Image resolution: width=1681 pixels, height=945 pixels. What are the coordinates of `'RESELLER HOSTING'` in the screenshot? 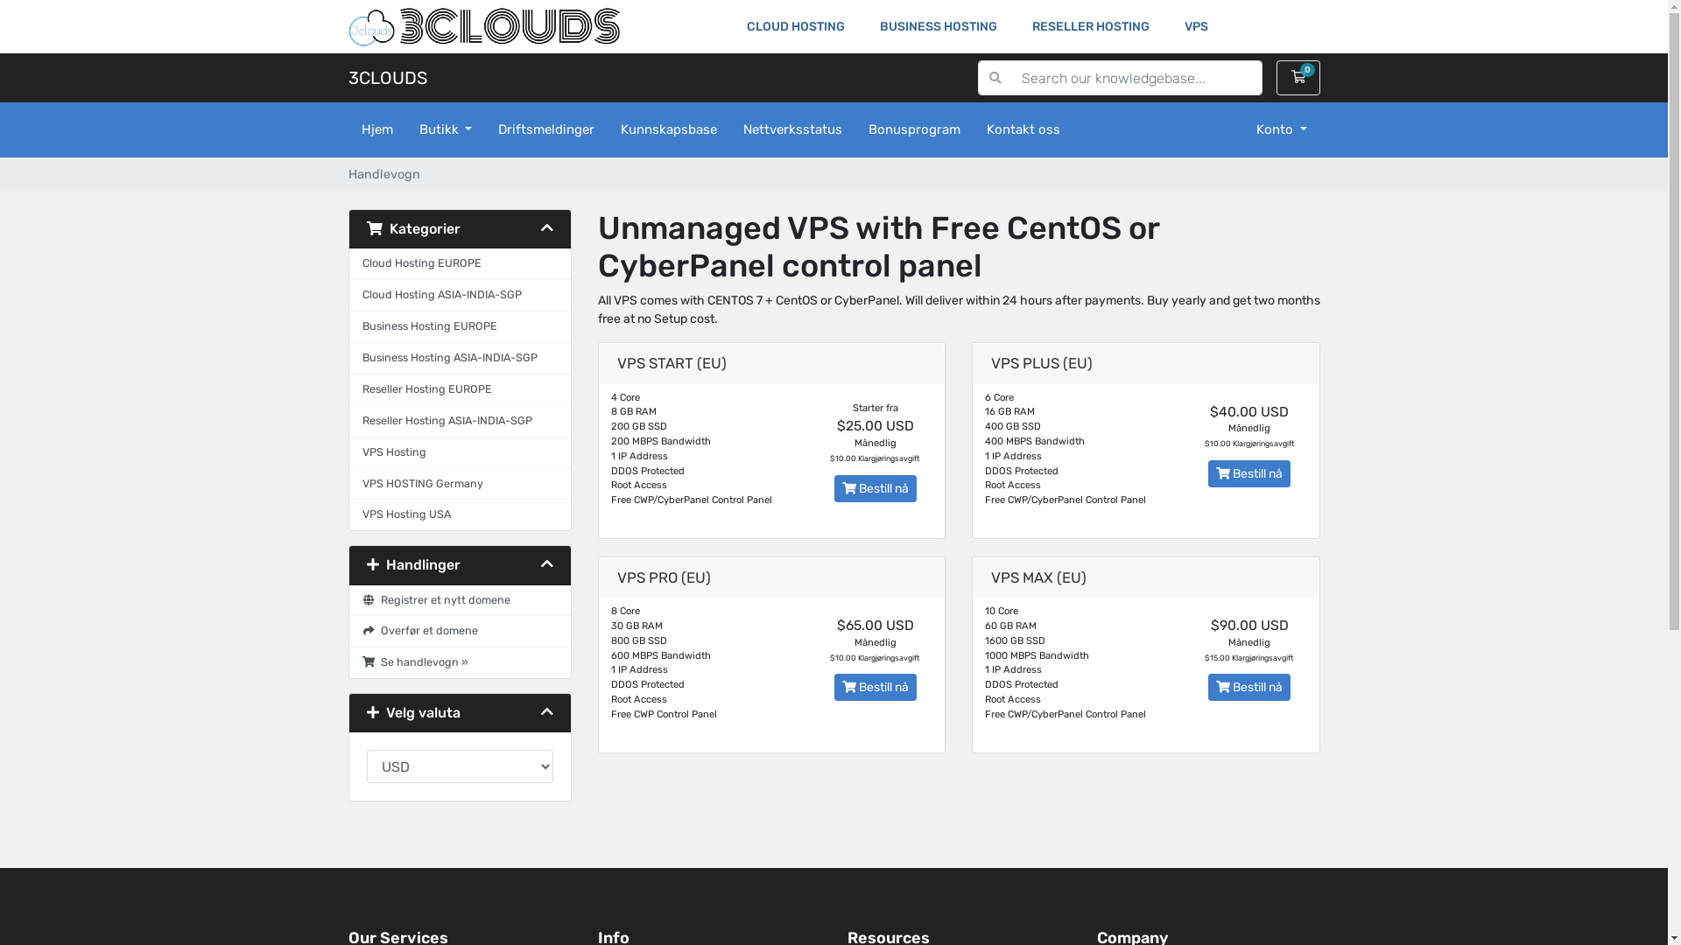 It's located at (1090, 26).